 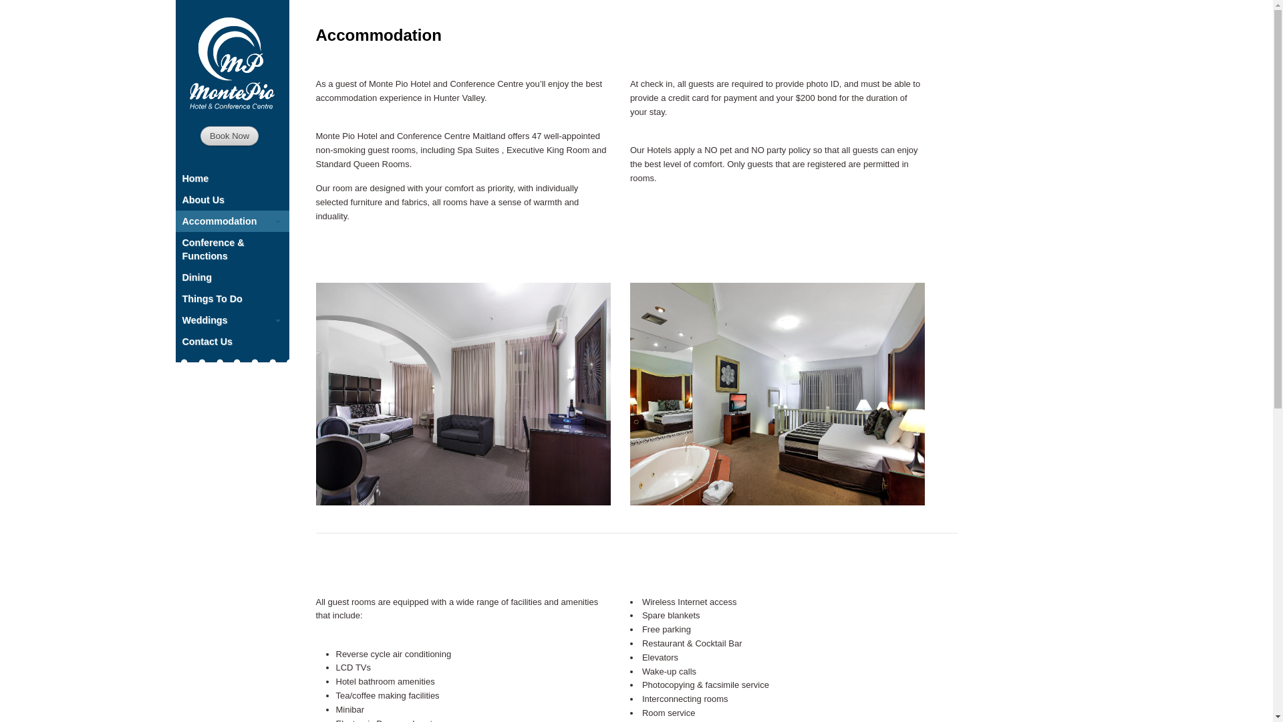 What do you see at coordinates (174, 298) in the screenshot?
I see `'Things To Do'` at bounding box center [174, 298].